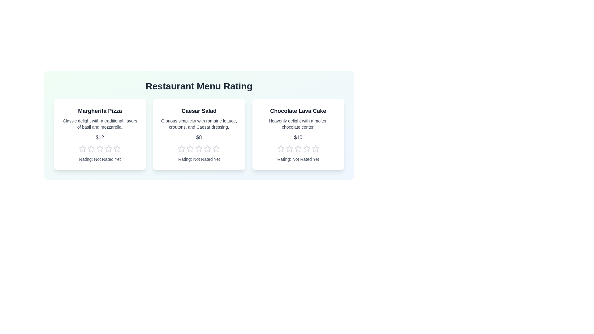  I want to click on the star corresponding to the desired rating 2 for the menu item Chocolate Lava Cake, so click(289, 149).